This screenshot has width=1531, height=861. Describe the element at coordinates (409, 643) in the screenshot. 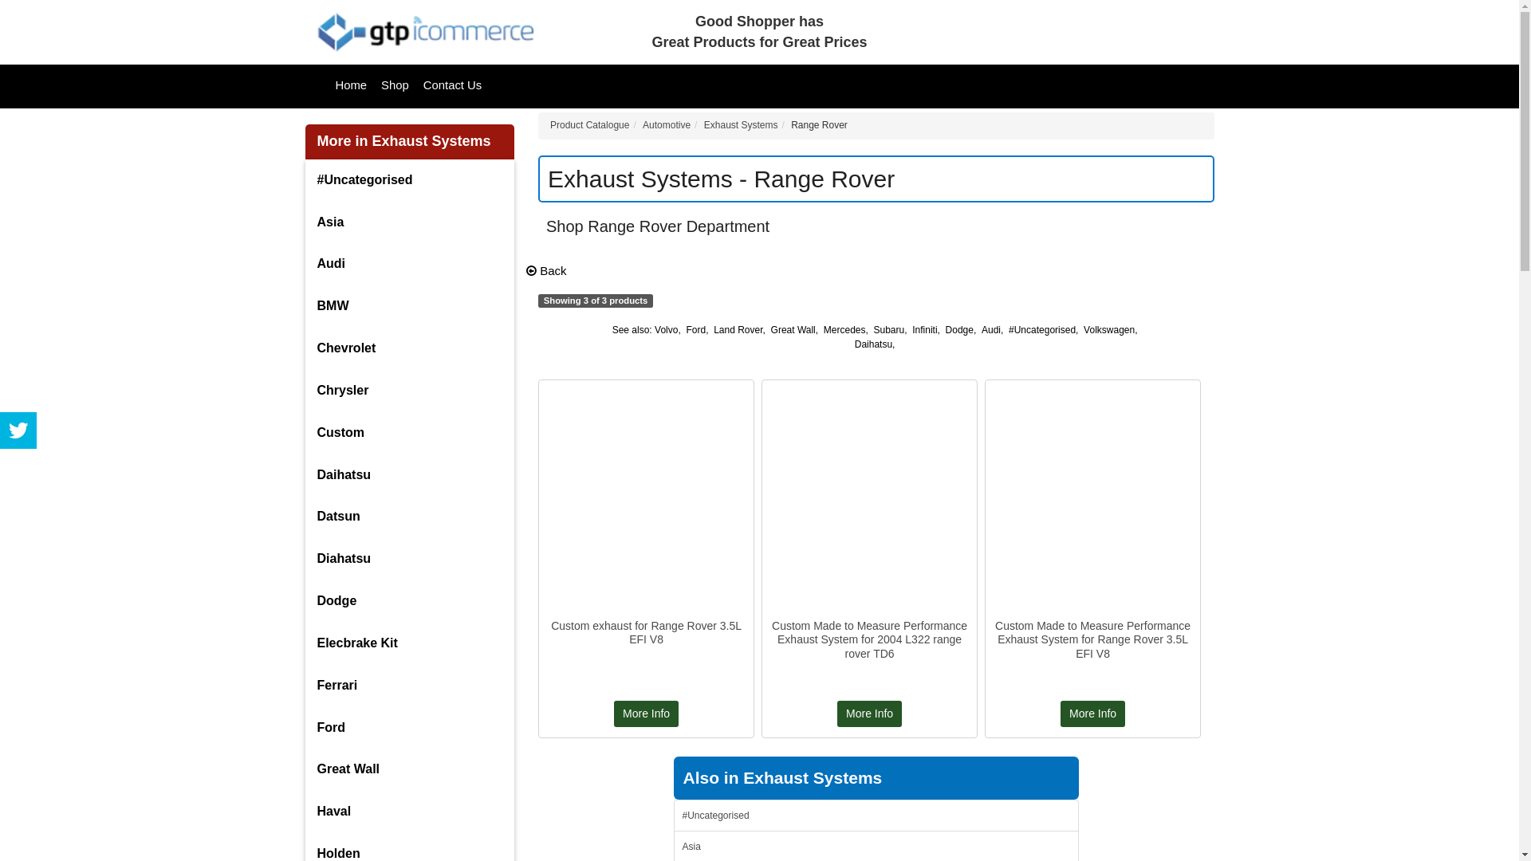

I see `'Elecbrake Kit'` at that location.